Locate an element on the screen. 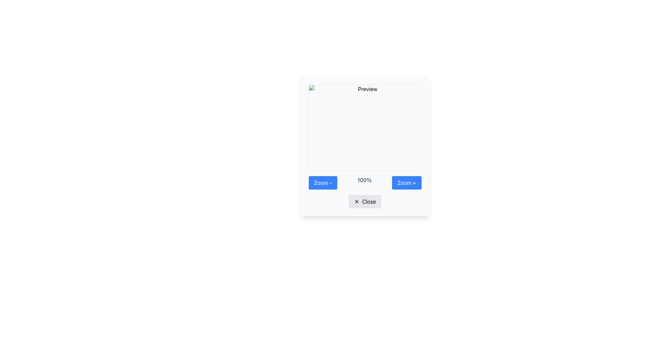 Image resolution: width=645 pixels, height=363 pixels. the 'Close' button with a light gray background and an 'X' icon is located at coordinates (364, 201).